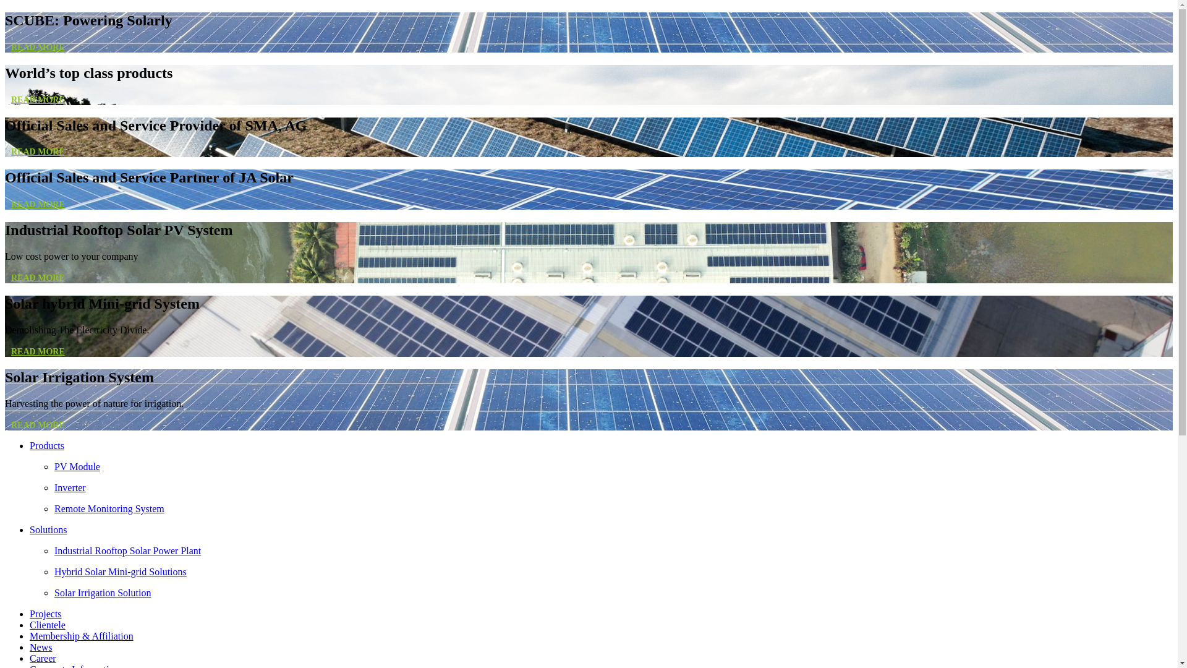  What do you see at coordinates (38, 46) in the screenshot?
I see `'READ MORE'` at bounding box center [38, 46].